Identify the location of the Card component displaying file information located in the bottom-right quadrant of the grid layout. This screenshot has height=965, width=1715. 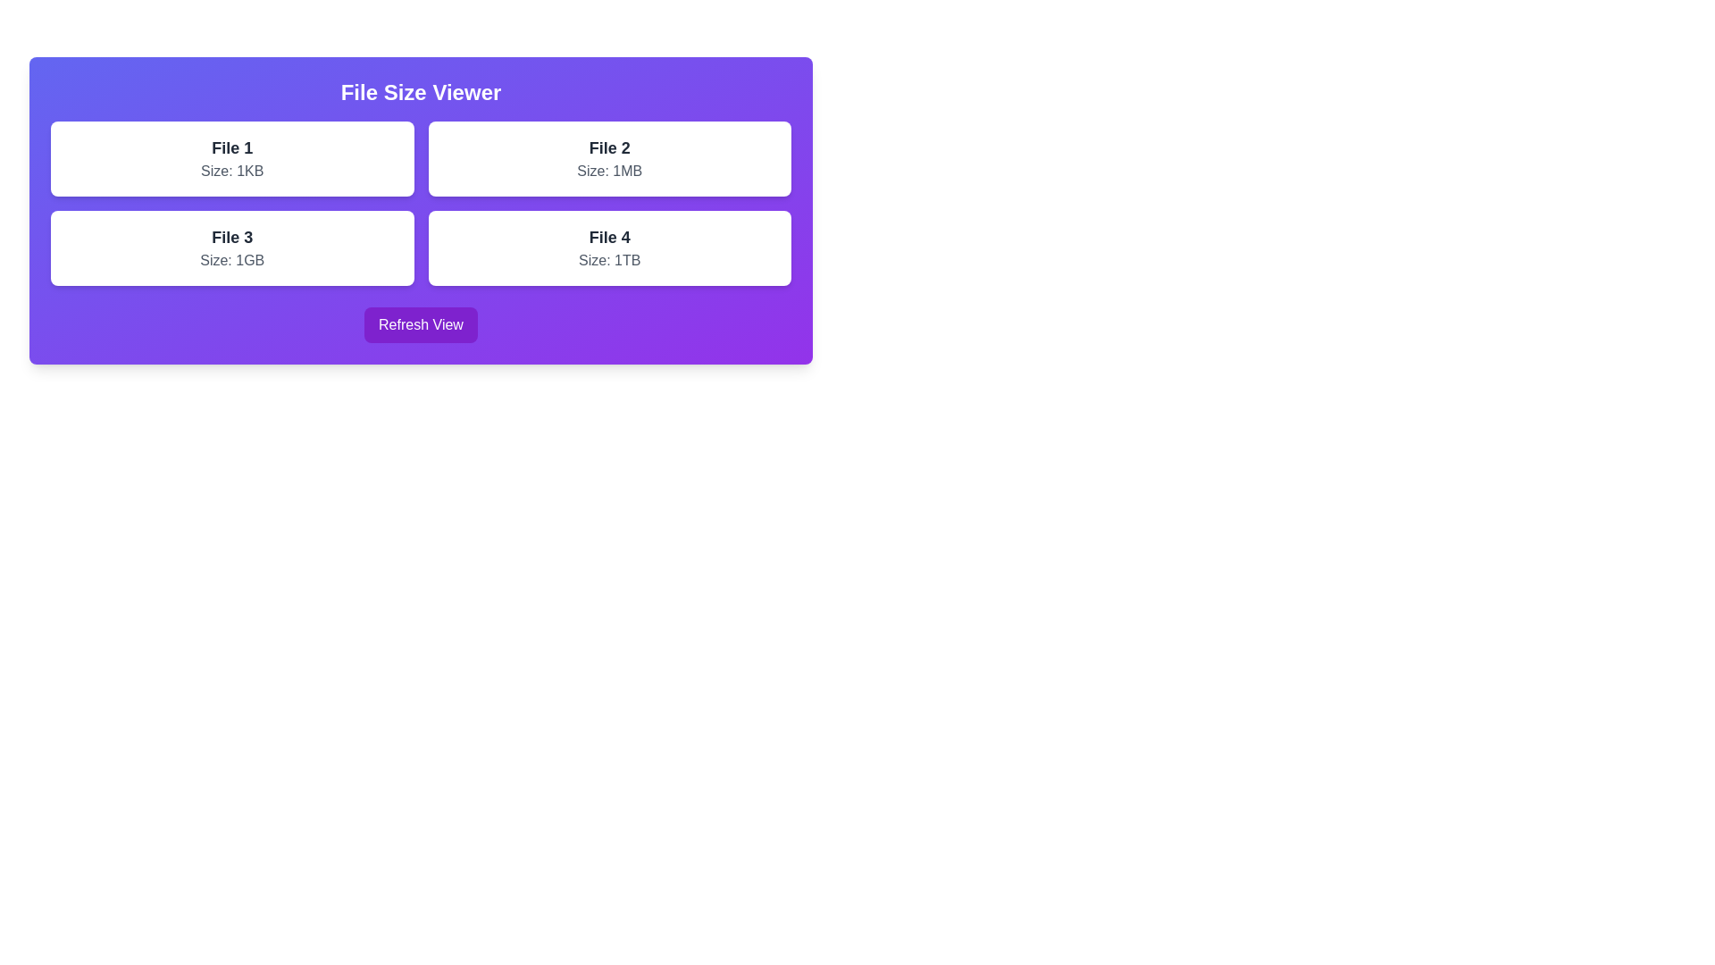
(609, 248).